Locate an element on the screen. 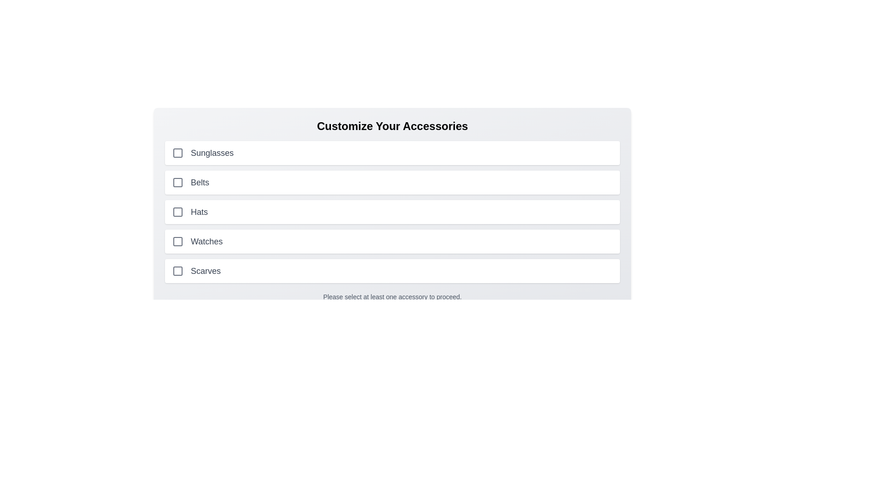  the 'Scarves' text label located to the right of the checkbox in the last row of the 'Customize Your Accessories' section is located at coordinates (205, 270).